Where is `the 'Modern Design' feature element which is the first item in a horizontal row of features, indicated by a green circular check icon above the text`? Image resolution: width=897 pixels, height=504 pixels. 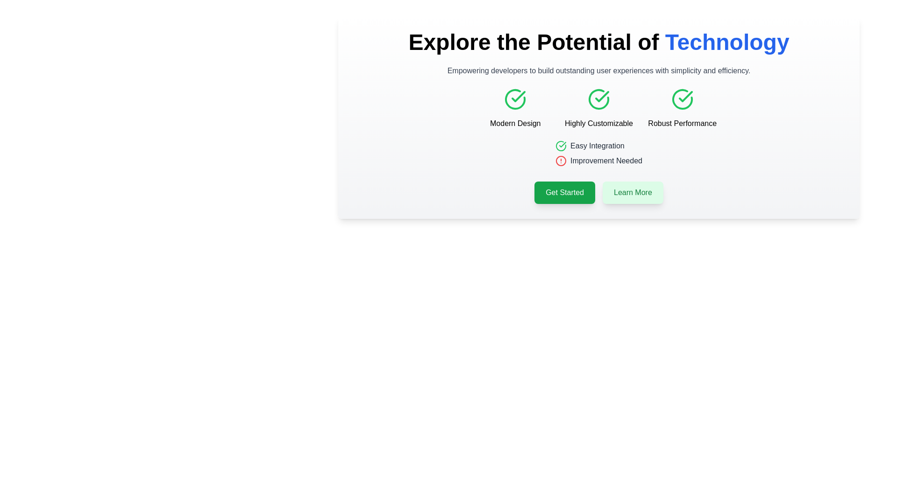 the 'Modern Design' feature element which is the first item in a horizontal row of features, indicated by a green circular check icon above the text is located at coordinates (515, 108).